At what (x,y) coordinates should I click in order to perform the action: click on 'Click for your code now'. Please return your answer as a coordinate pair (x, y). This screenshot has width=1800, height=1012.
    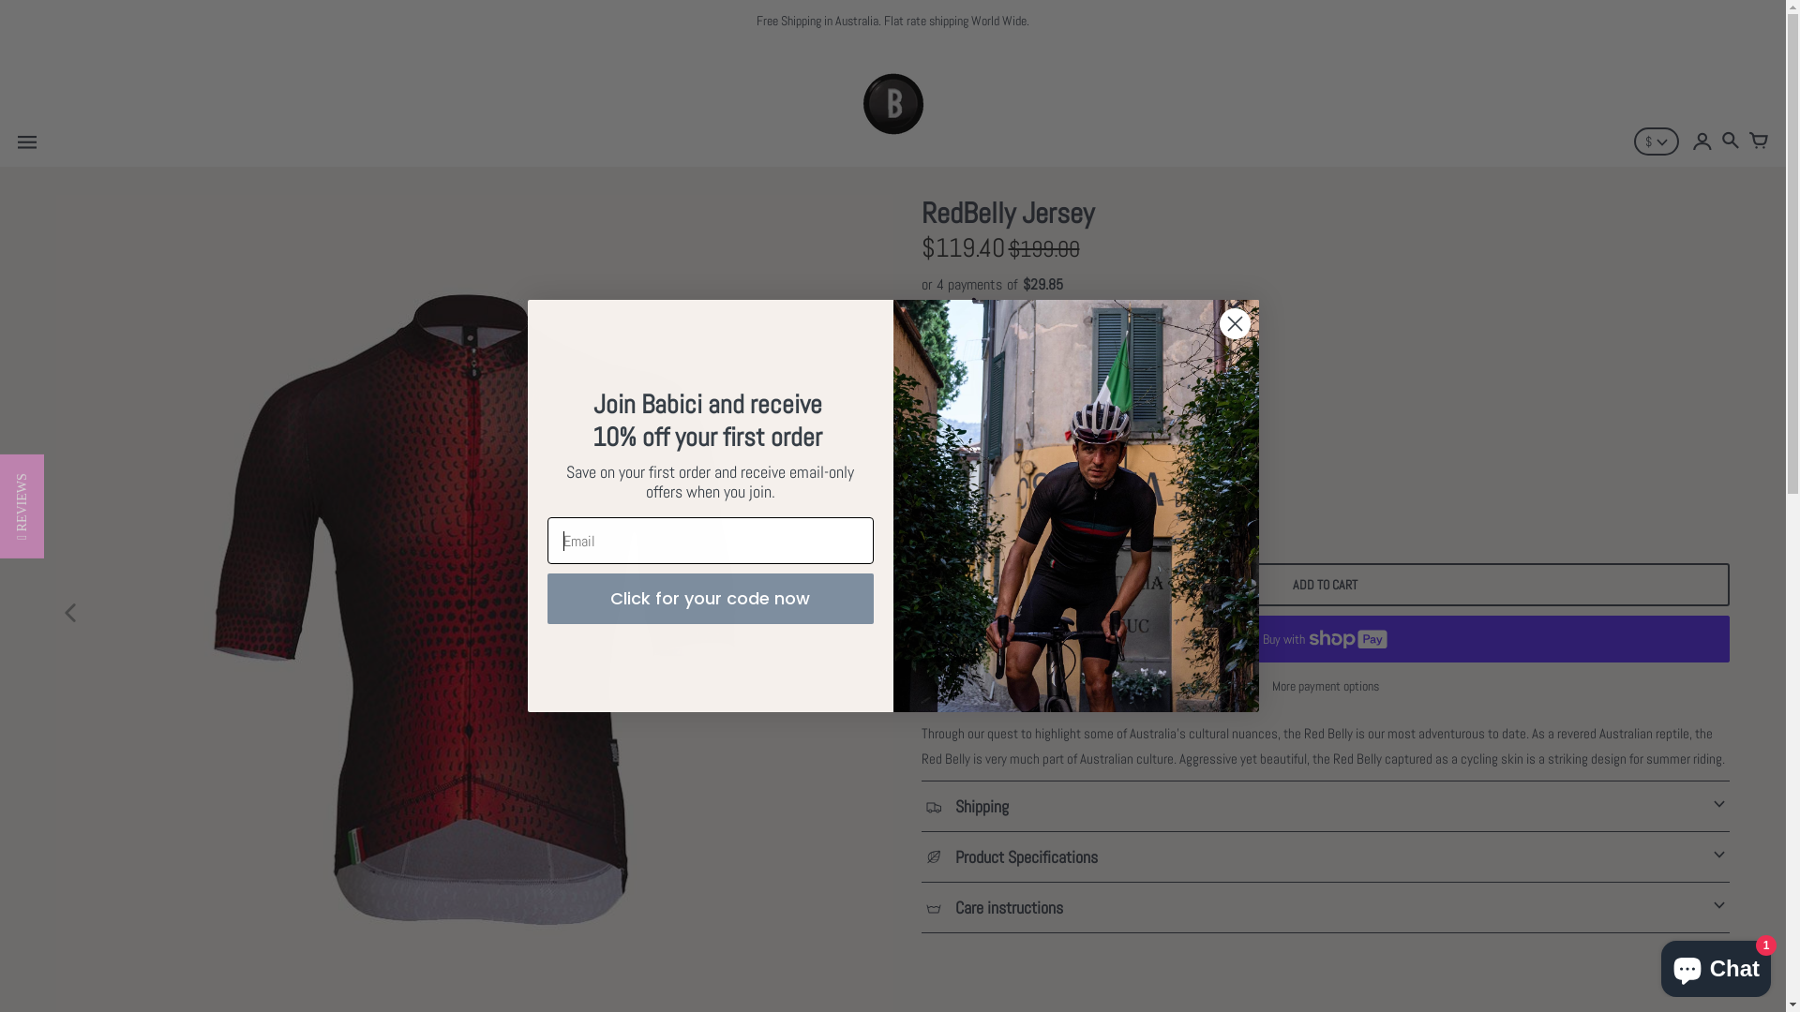
    Looking at the image, I should click on (710, 599).